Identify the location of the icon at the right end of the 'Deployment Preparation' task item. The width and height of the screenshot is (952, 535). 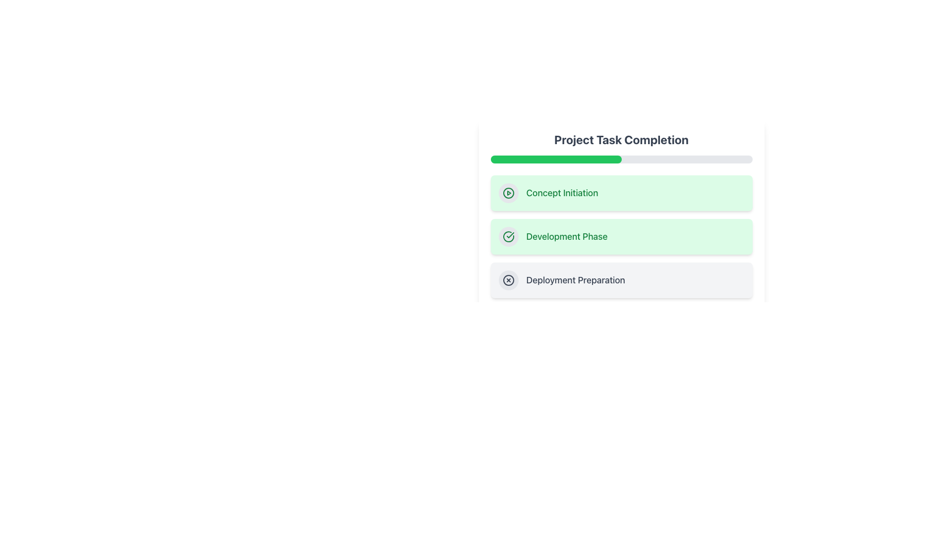
(508, 280).